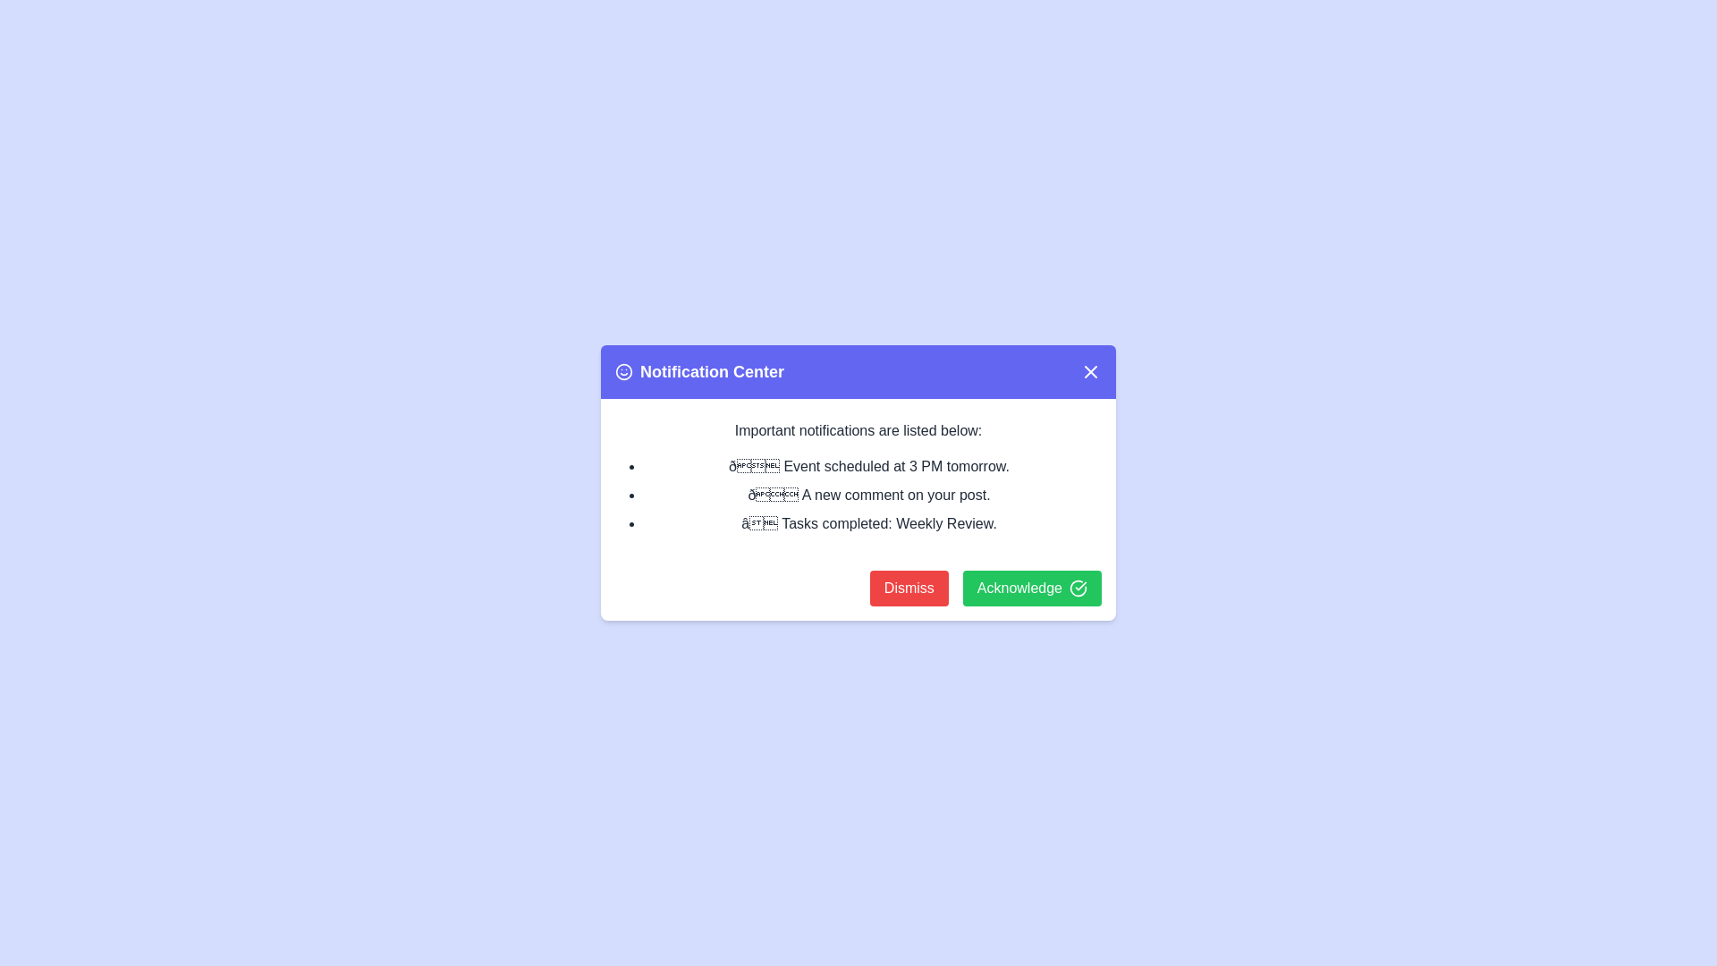 The height and width of the screenshot is (966, 1717). I want to click on the Acknowledge button to perform the associated action, so click(1032, 589).